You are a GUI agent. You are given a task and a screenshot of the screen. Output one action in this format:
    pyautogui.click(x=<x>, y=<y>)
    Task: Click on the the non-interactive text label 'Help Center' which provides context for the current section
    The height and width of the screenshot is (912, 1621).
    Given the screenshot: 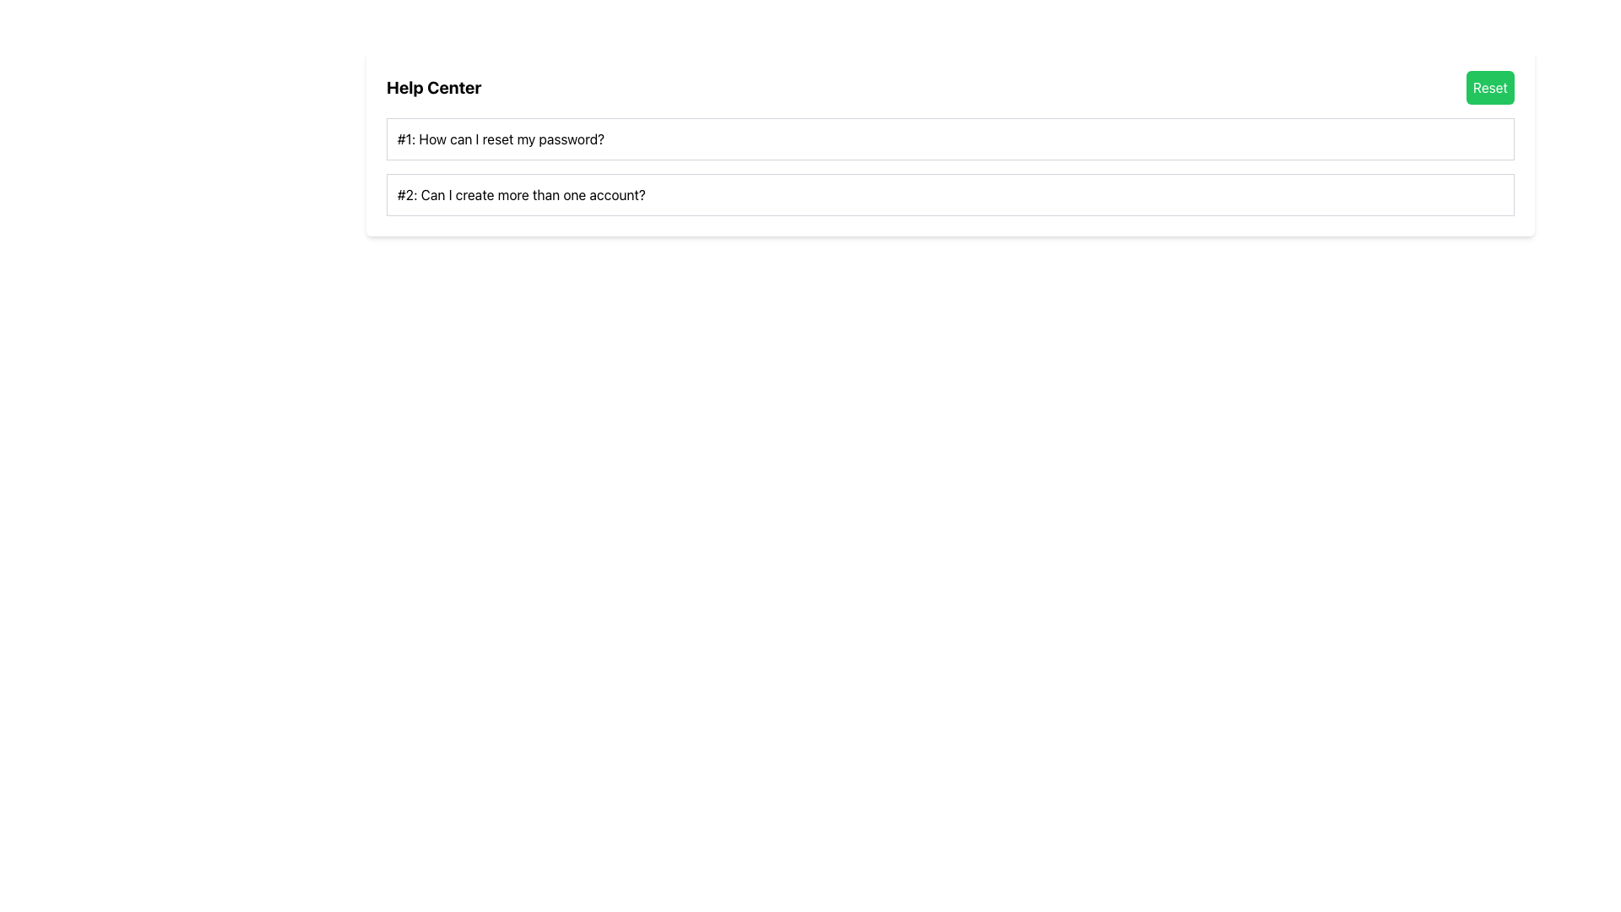 What is the action you would take?
    pyautogui.click(x=434, y=88)
    